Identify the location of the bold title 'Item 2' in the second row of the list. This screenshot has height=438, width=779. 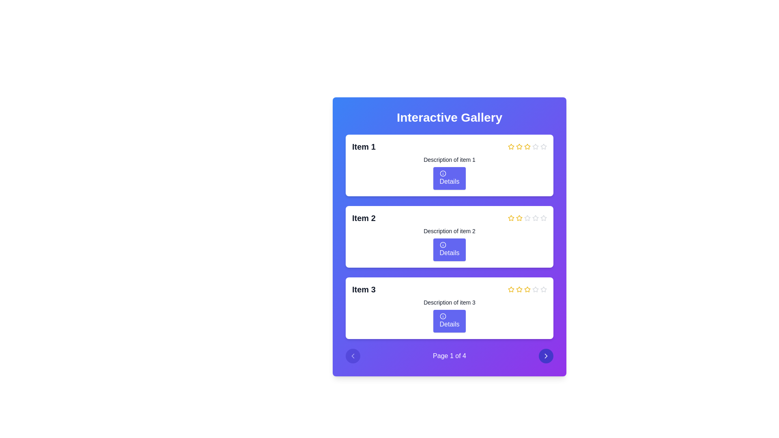
(449, 217).